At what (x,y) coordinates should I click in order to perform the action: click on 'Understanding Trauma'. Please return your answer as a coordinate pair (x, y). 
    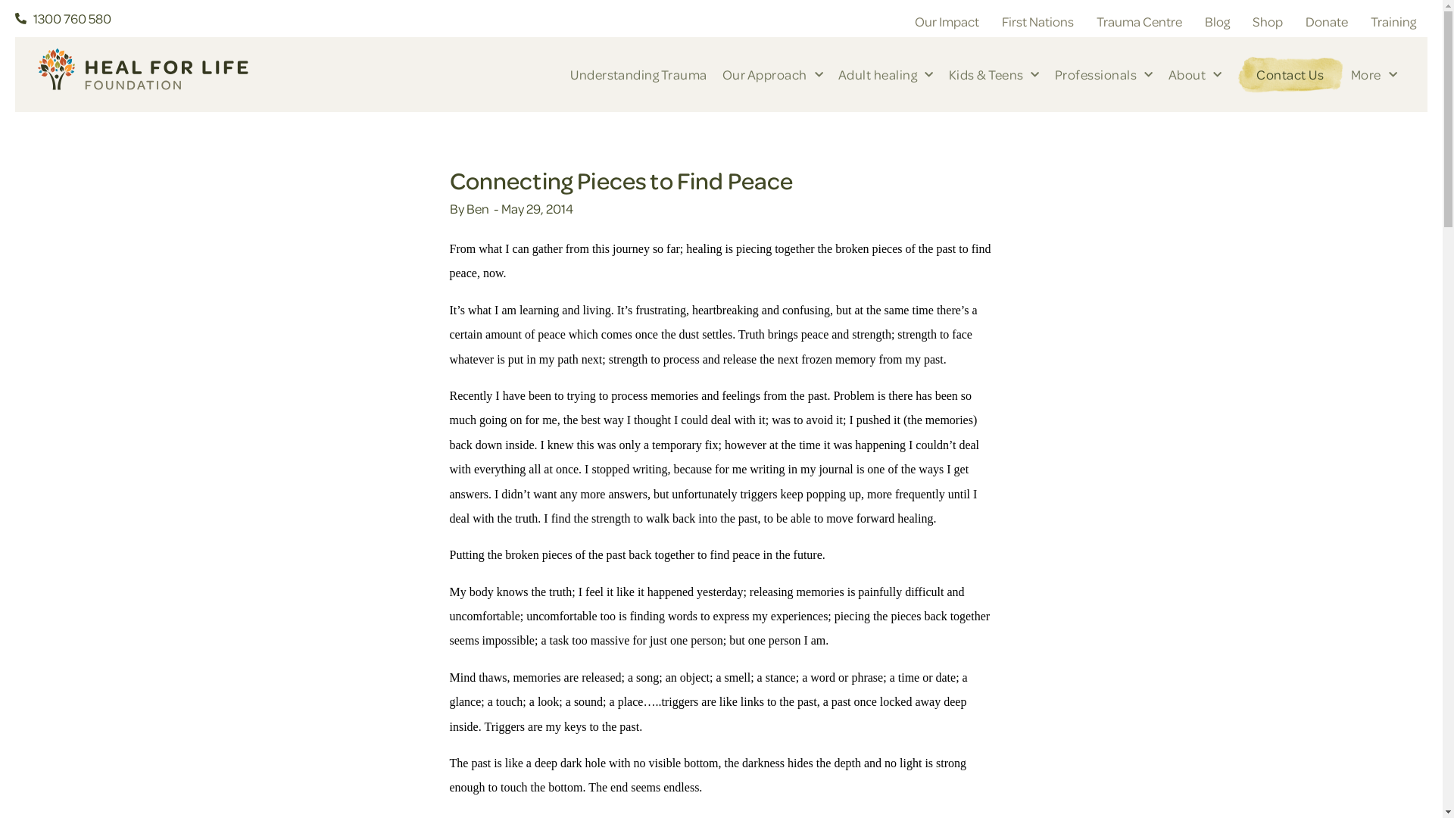
    Looking at the image, I should click on (638, 75).